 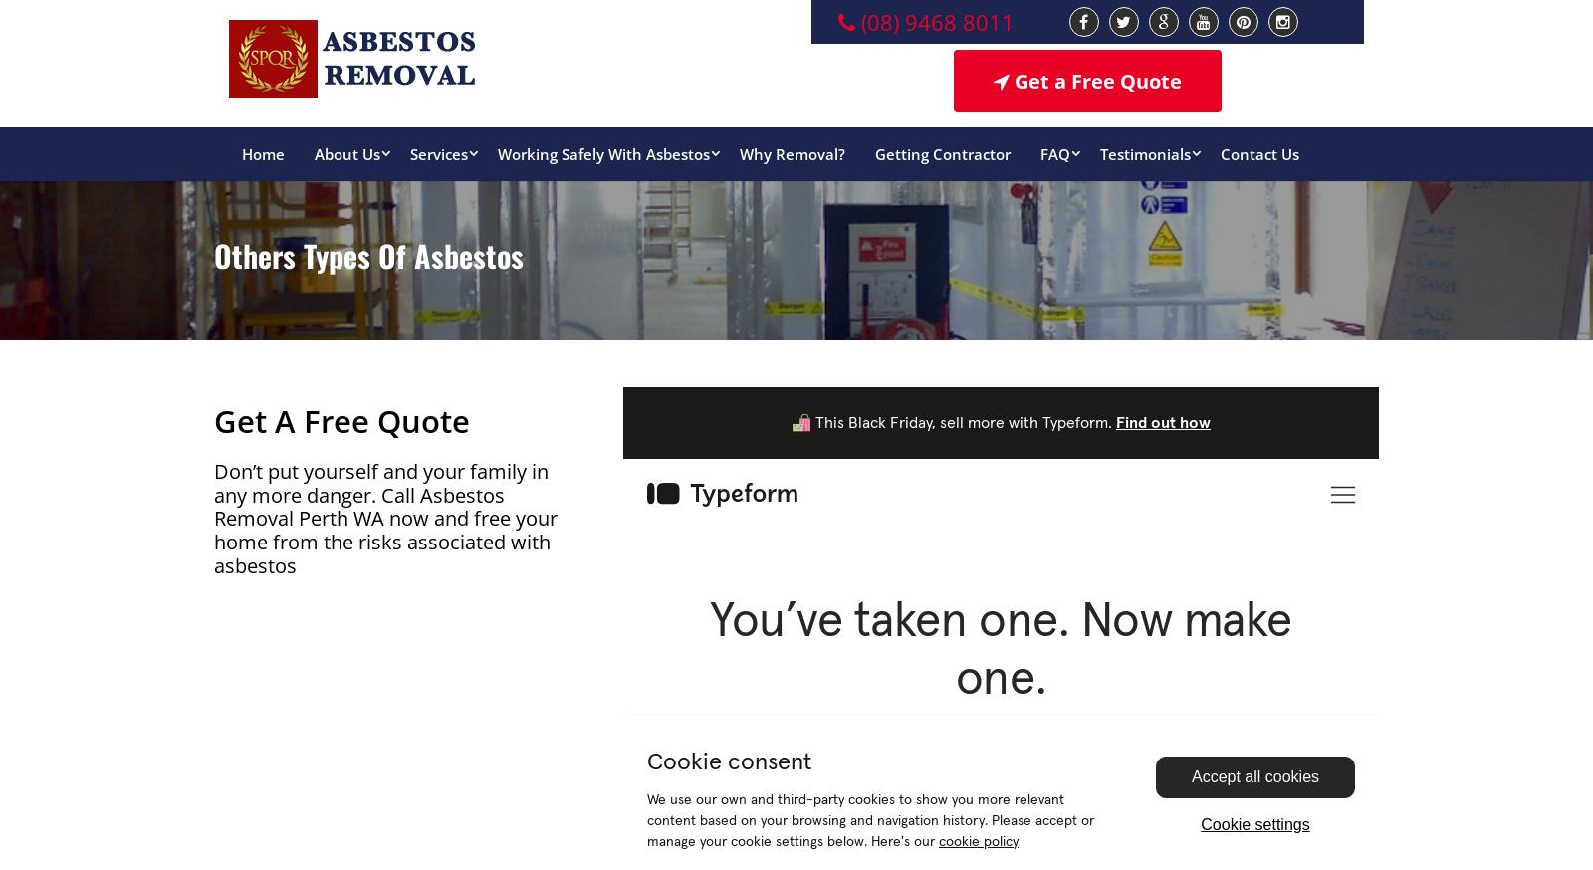 I want to click on 'FAQ', so click(x=1055, y=152).